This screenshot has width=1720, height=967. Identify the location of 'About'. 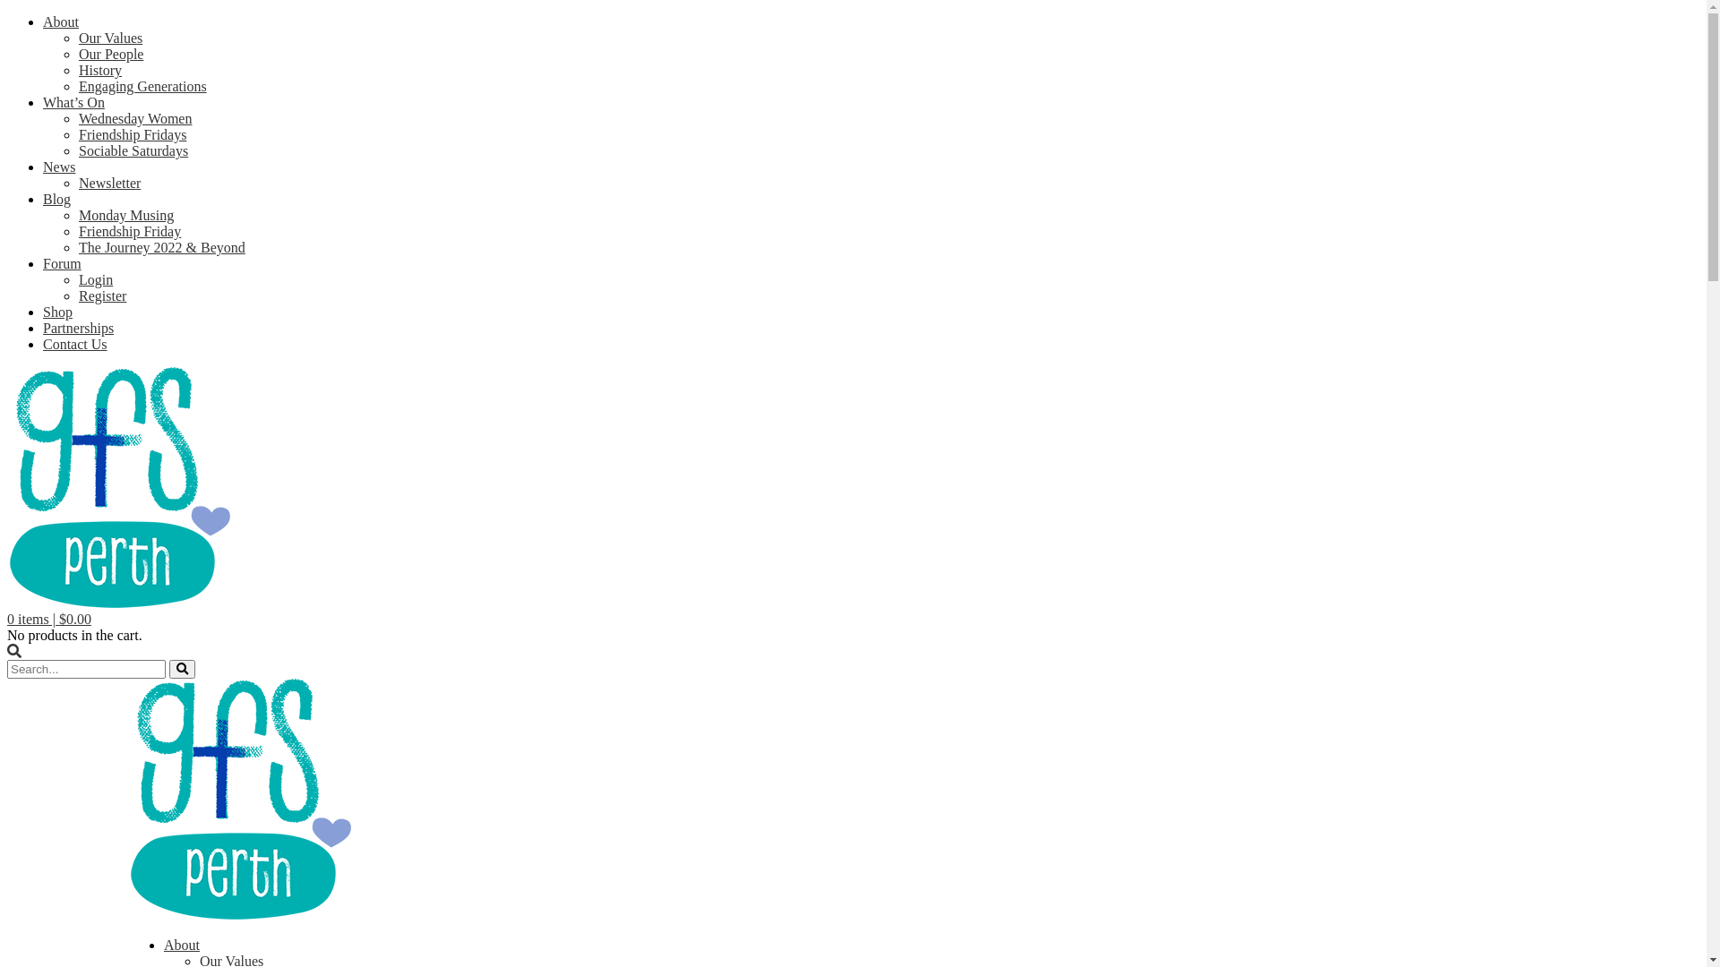
(181, 944).